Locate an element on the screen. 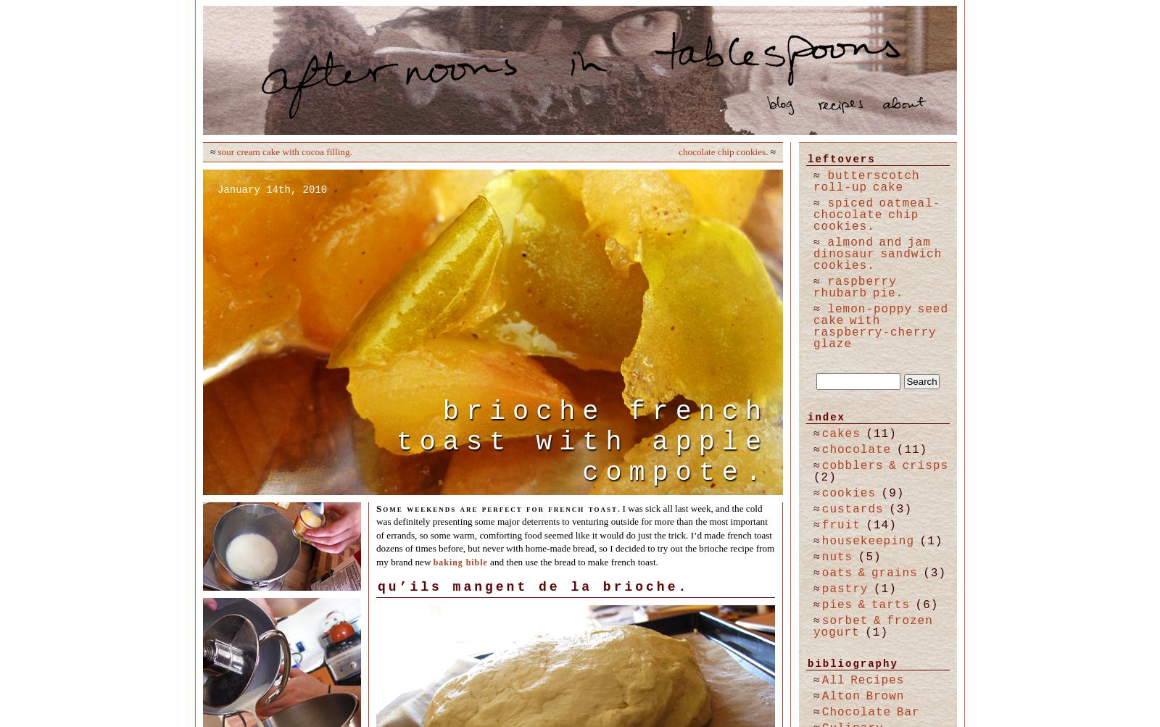  'Alton Brown' is located at coordinates (863, 695).